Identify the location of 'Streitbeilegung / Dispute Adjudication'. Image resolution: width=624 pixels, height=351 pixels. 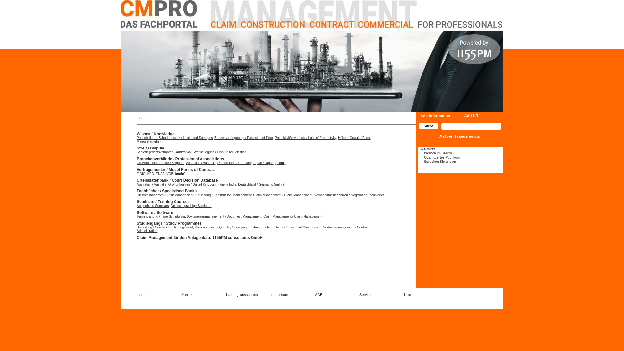
(220, 152).